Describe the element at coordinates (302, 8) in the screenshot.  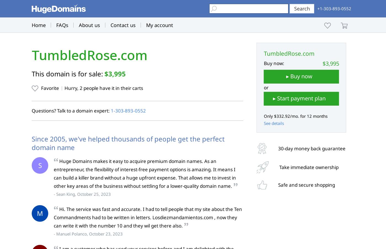
I see `'Search'` at that location.